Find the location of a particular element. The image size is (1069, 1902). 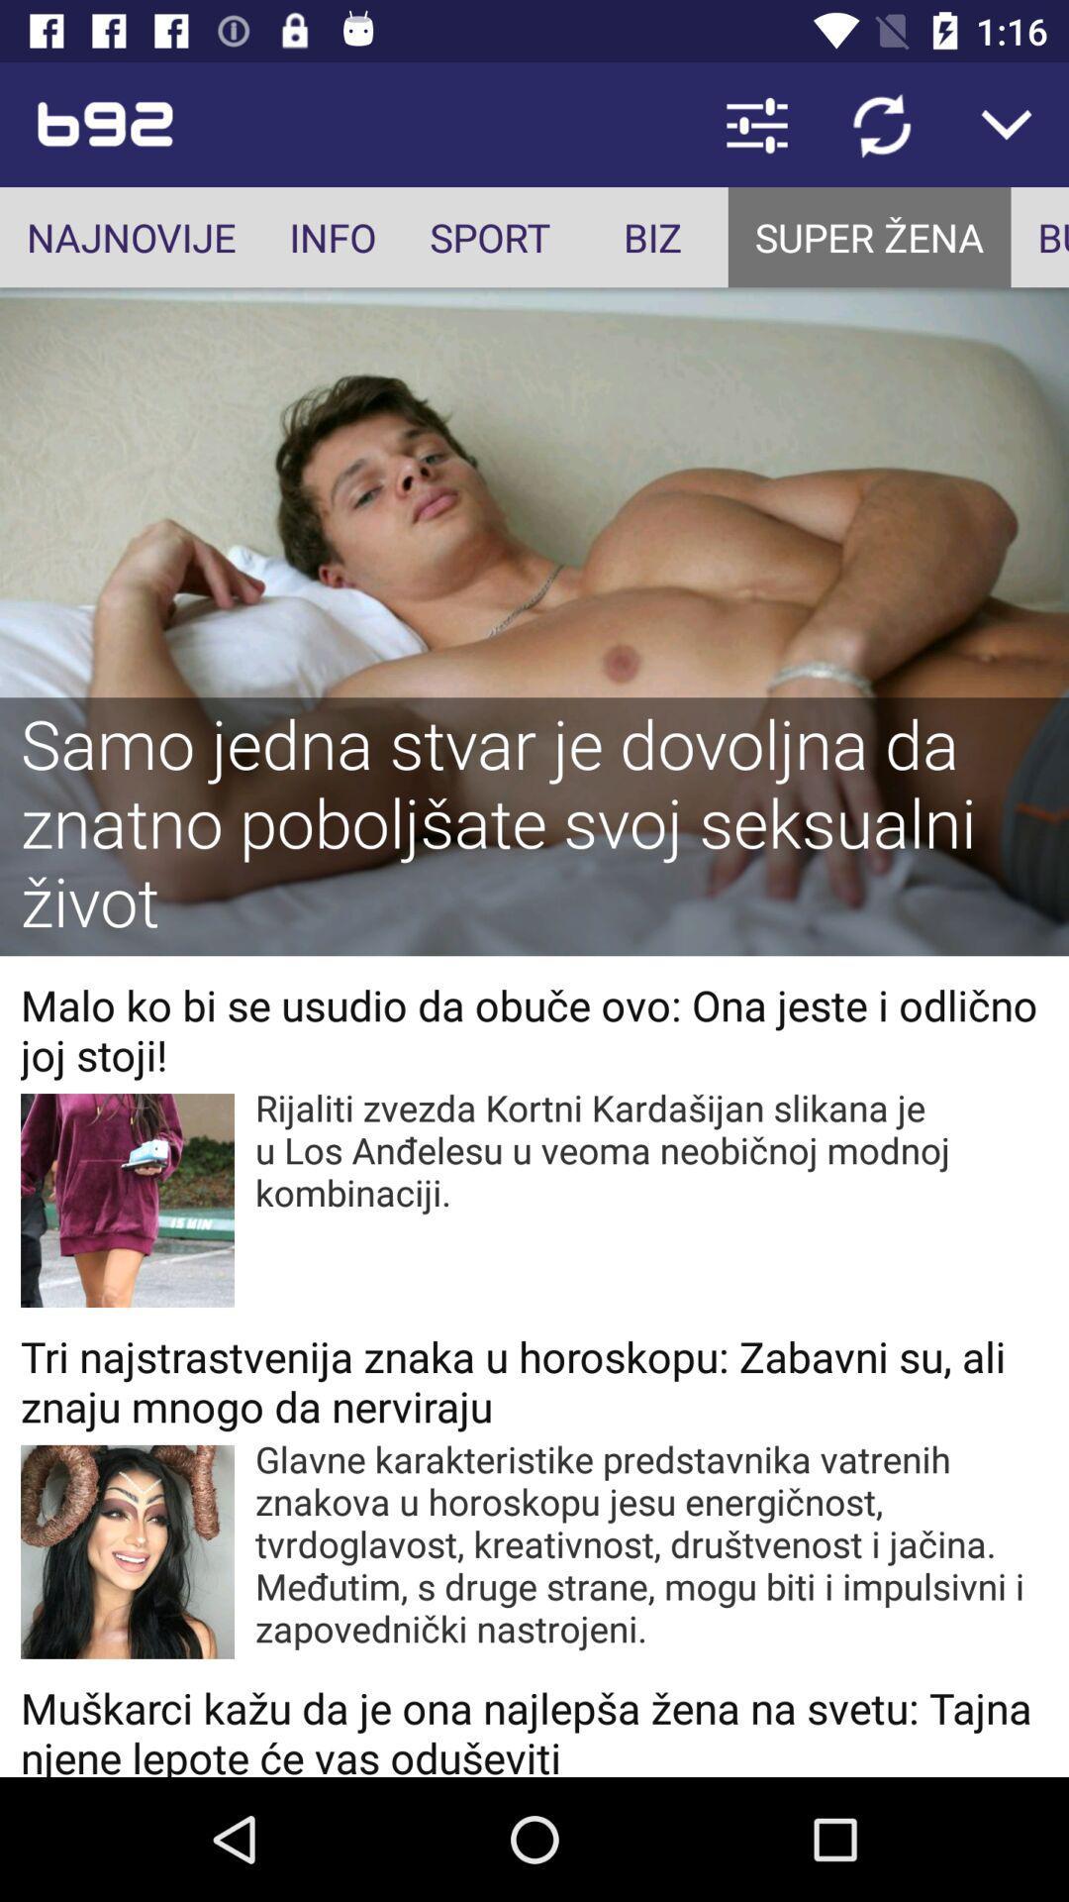

the glavne karakteristike predstavnika app is located at coordinates (651, 1542).